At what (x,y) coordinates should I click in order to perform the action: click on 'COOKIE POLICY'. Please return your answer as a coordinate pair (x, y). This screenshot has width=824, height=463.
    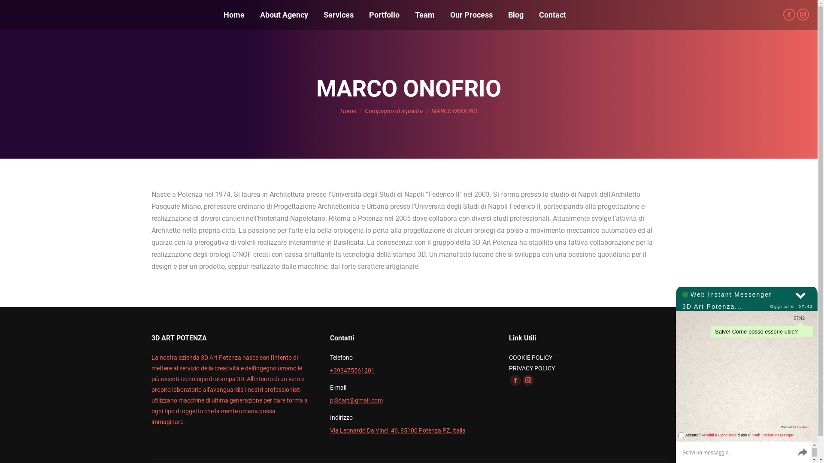
    Looking at the image, I should click on (530, 357).